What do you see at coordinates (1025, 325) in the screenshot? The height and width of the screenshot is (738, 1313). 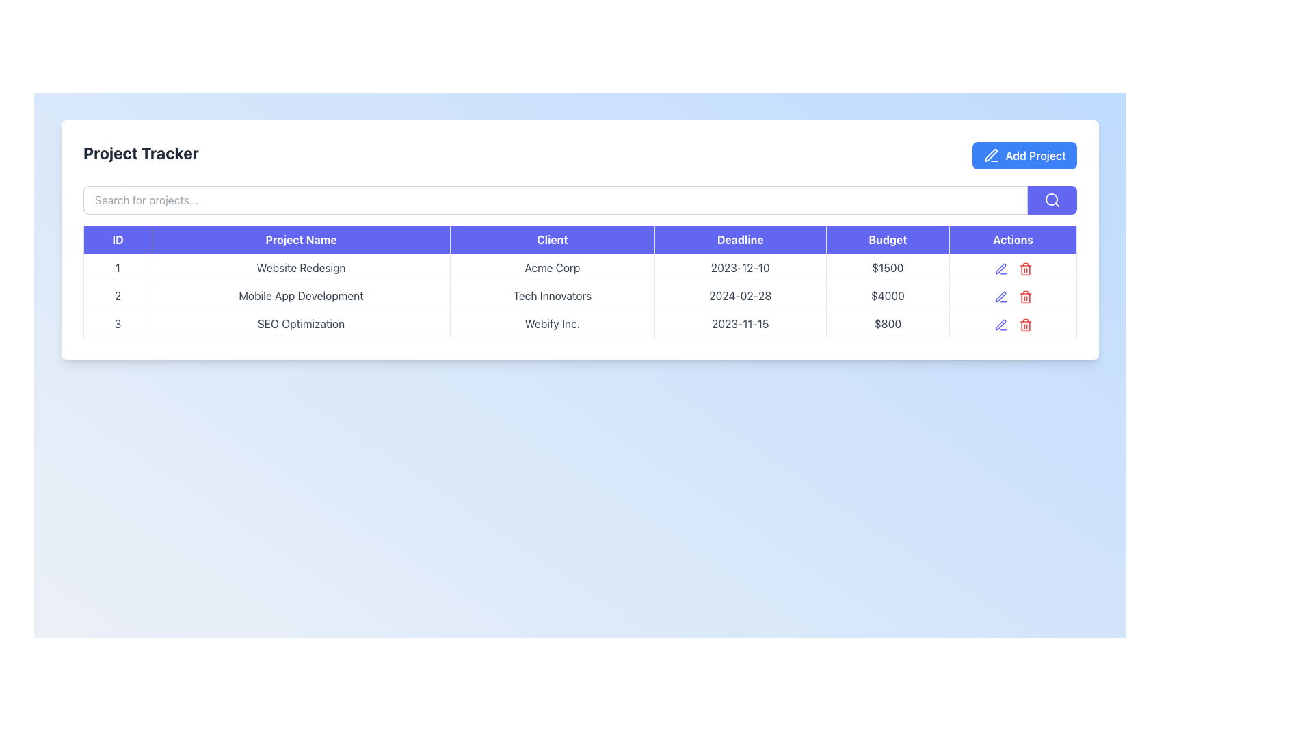 I see `the delete button located in the 'Actions' column of the third row in the table, which is positioned to the right of the pencil icon for editing` at bounding box center [1025, 325].